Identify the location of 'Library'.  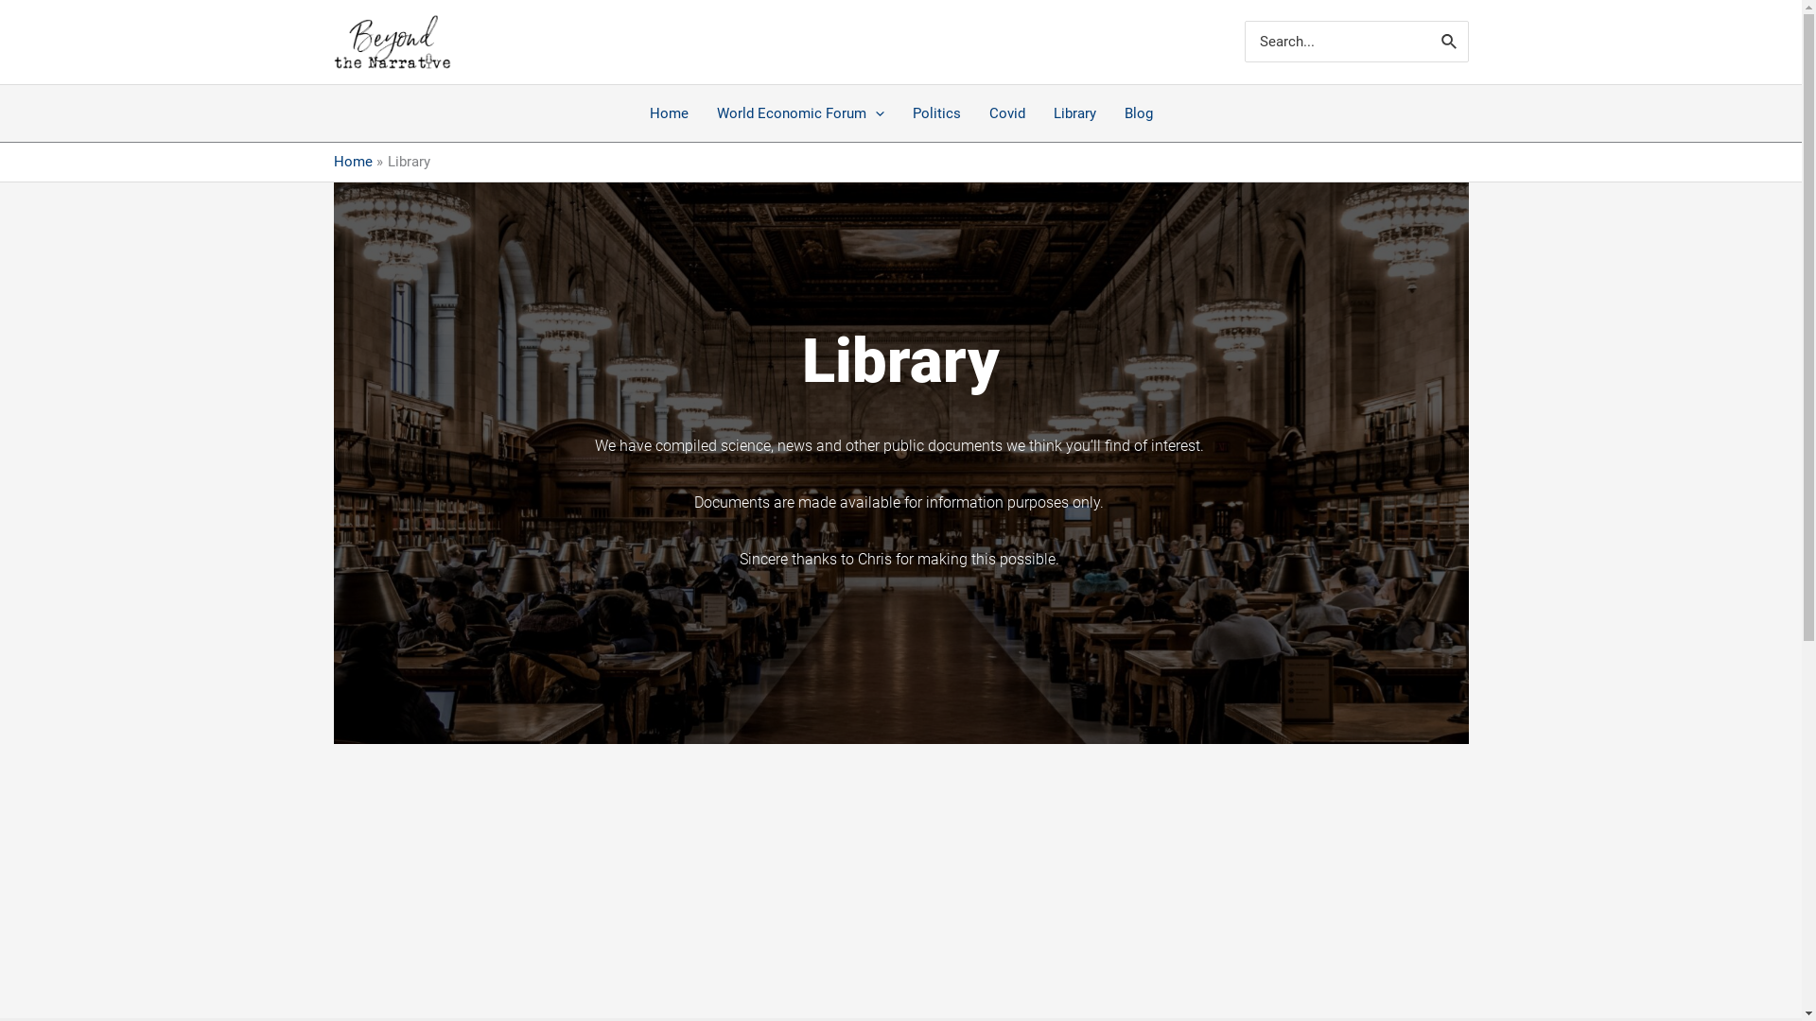
(1074, 112).